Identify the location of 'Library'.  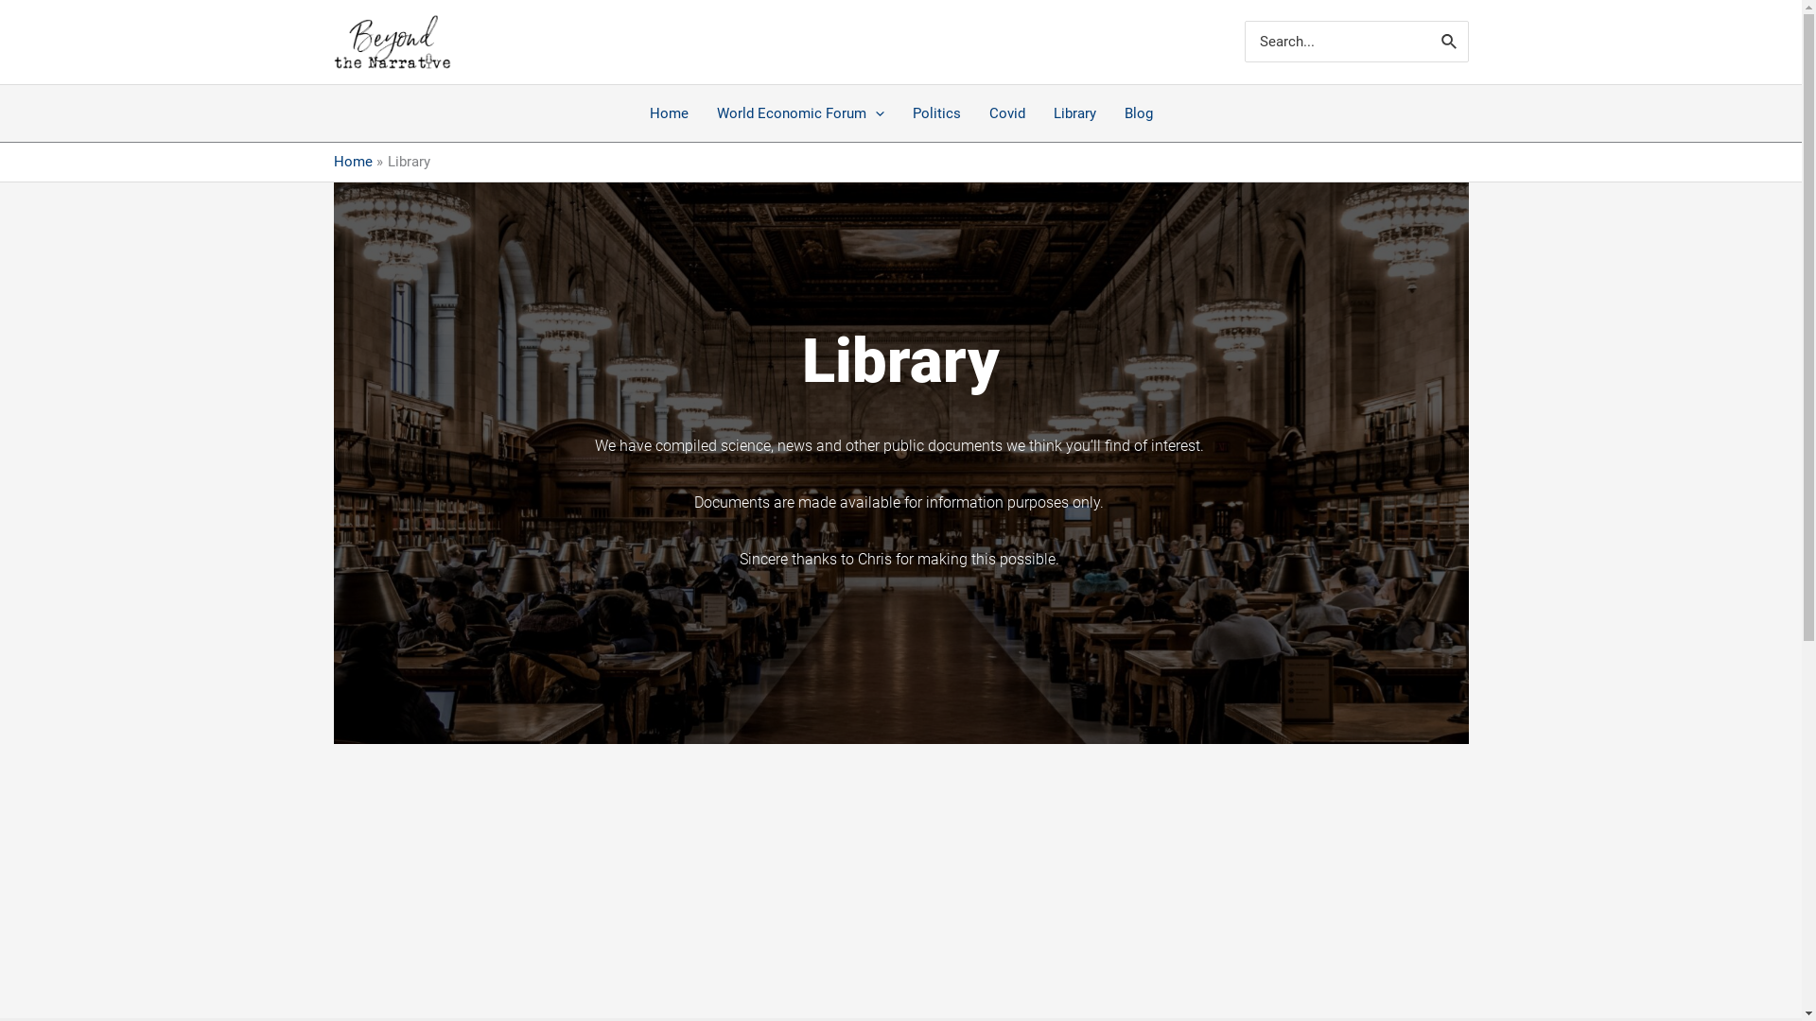
(1074, 112).